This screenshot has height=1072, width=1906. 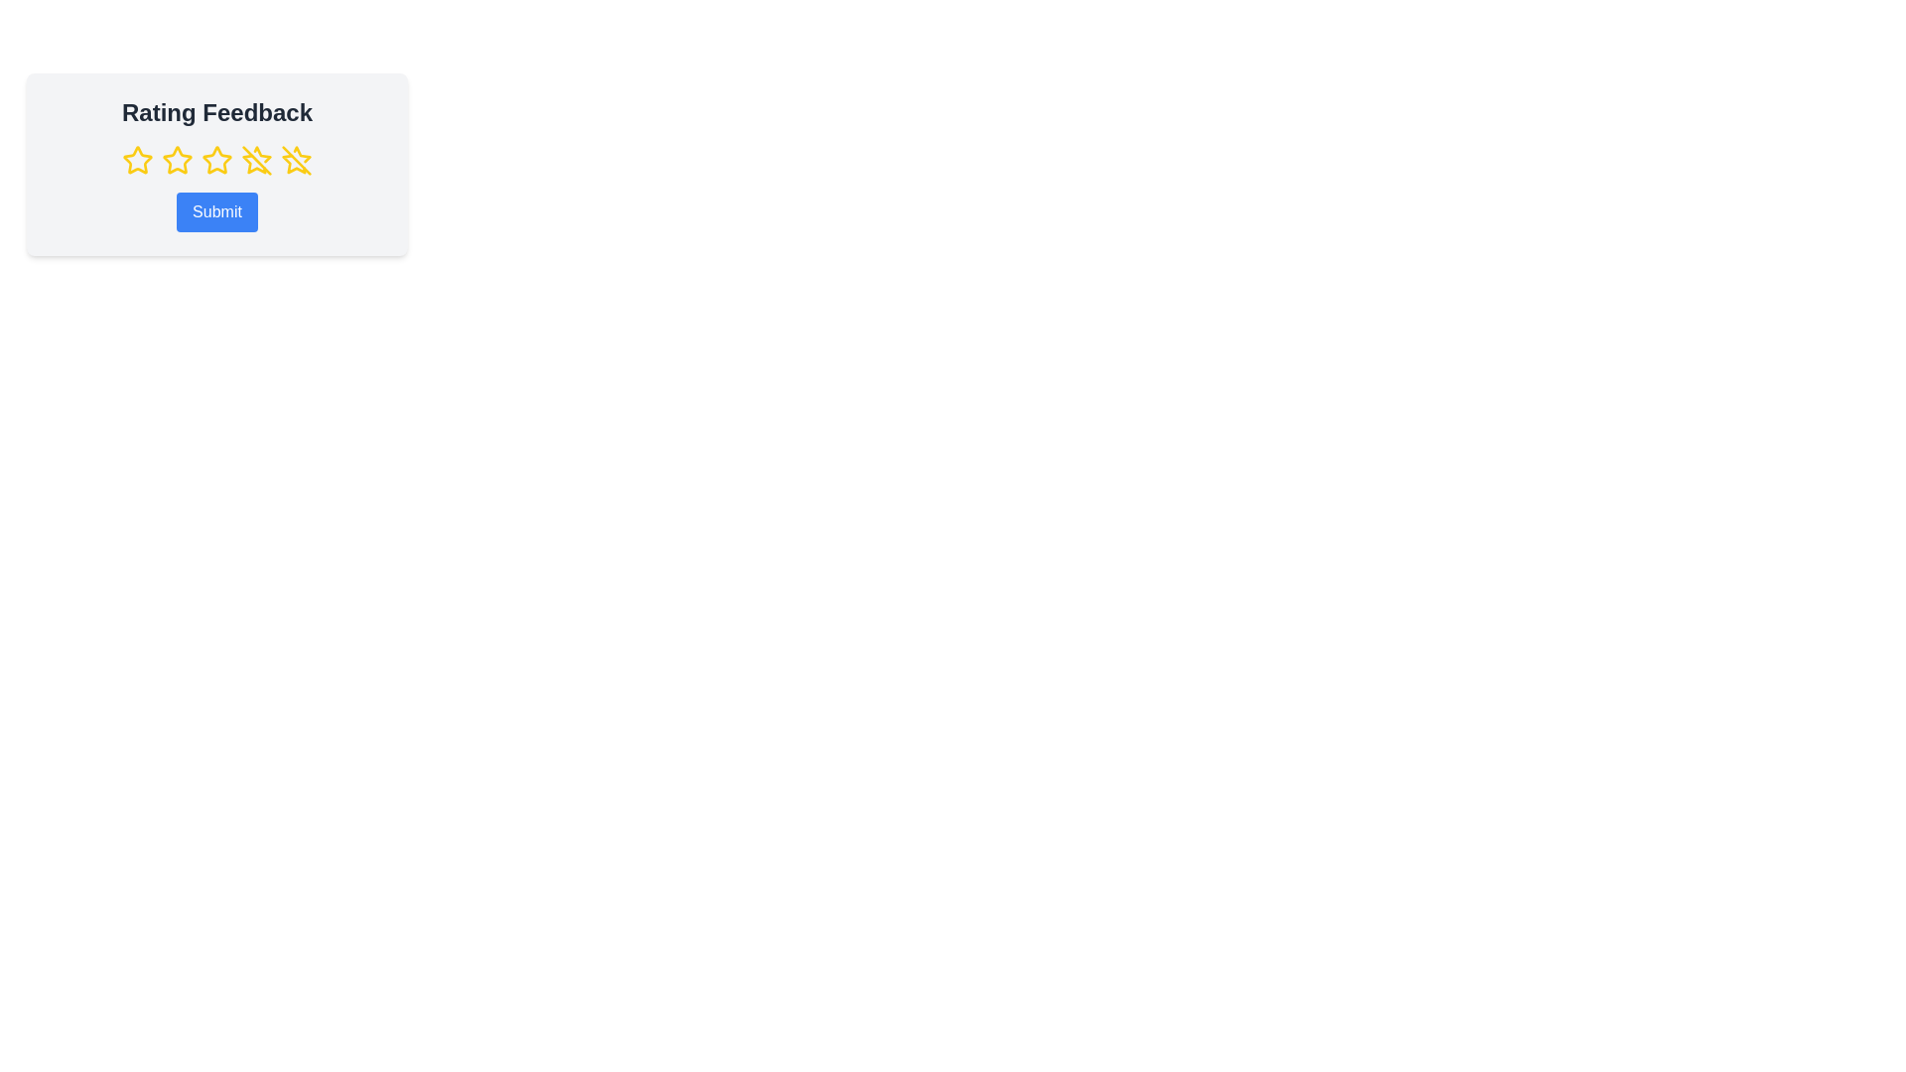 What do you see at coordinates (217, 159) in the screenshot?
I see `the third star-shaped rating icon outlined in yellow, which is visually distinct and located above the 'Submit' button` at bounding box center [217, 159].